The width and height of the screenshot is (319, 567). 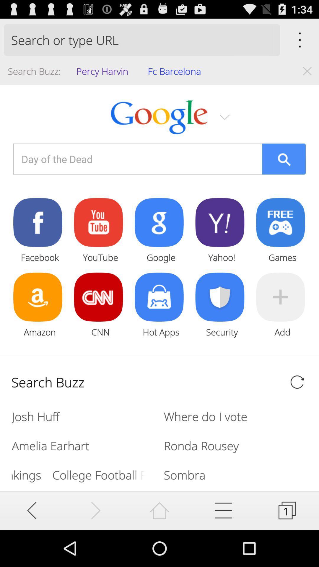 What do you see at coordinates (297, 408) in the screenshot?
I see `the refresh icon` at bounding box center [297, 408].